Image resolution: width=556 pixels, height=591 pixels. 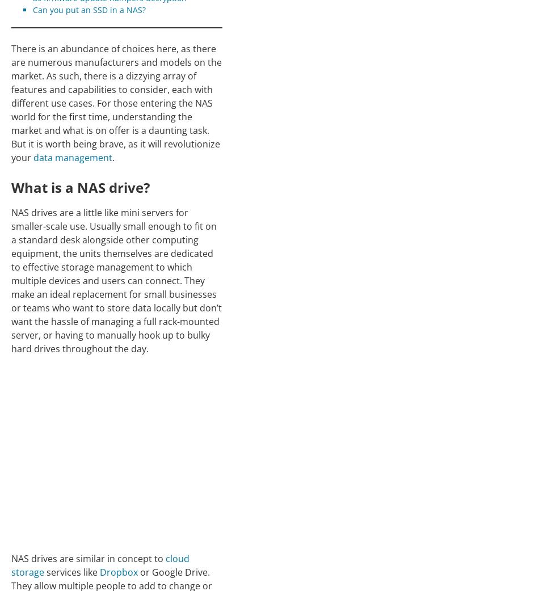 What do you see at coordinates (100, 565) in the screenshot?
I see `'cloud storage'` at bounding box center [100, 565].